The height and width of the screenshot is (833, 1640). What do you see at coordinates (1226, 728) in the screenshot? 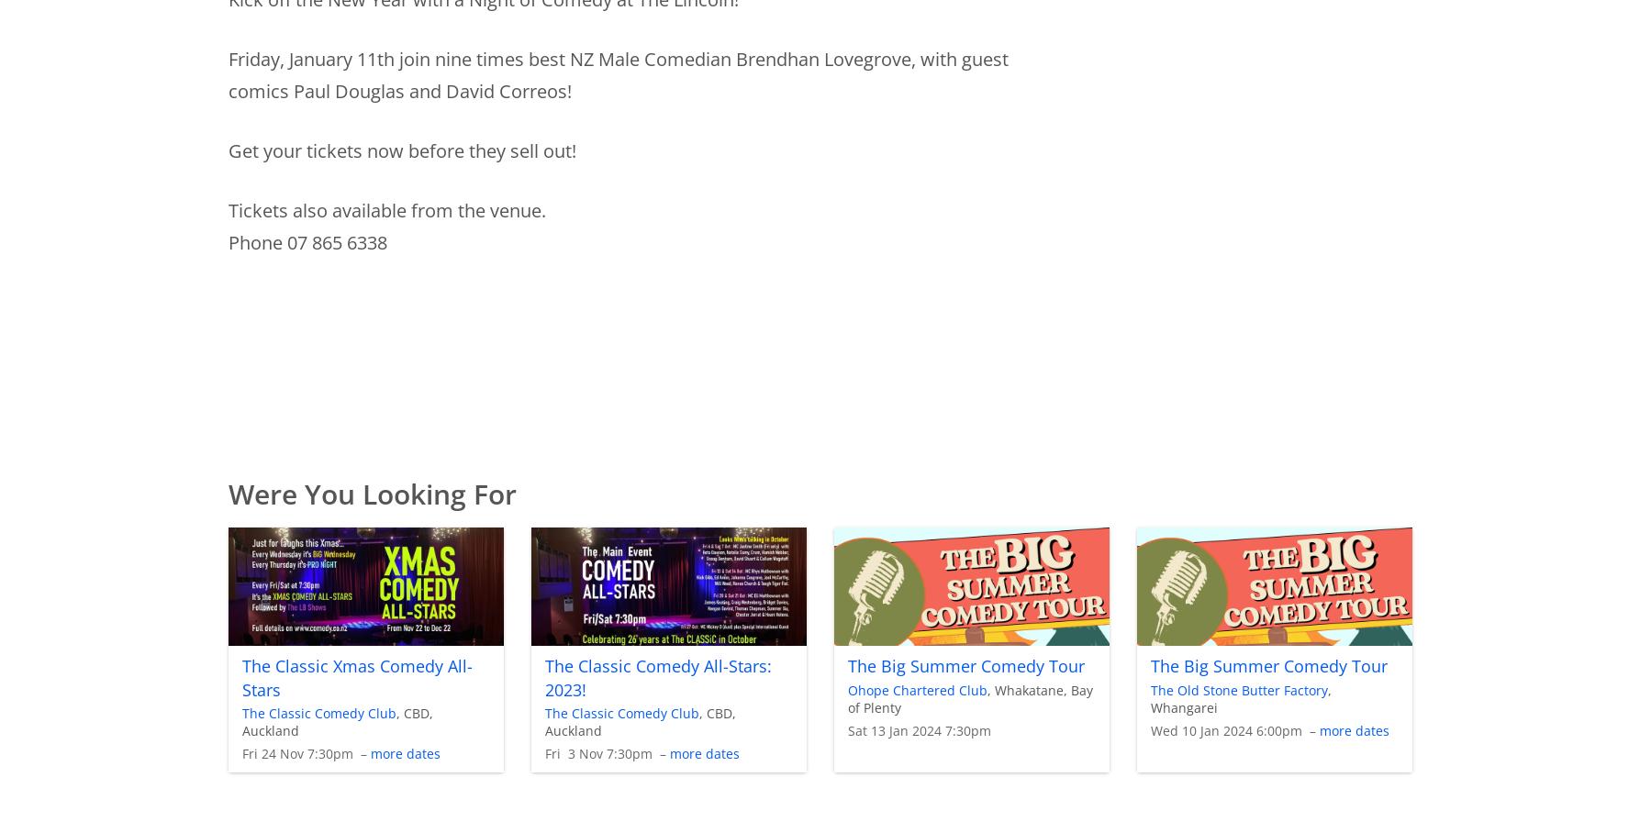
I see `'Wed 10 Jan 2024 6:00pm'` at bounding box center [1226, 728].